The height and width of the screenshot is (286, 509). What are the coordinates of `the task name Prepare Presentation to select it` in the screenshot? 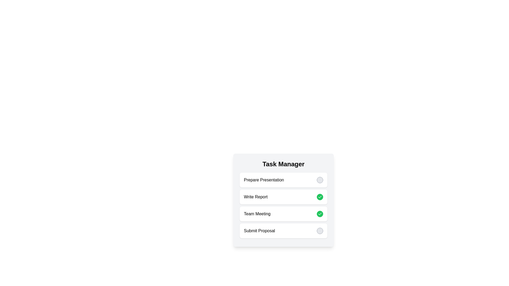 It's located at (264, 180).